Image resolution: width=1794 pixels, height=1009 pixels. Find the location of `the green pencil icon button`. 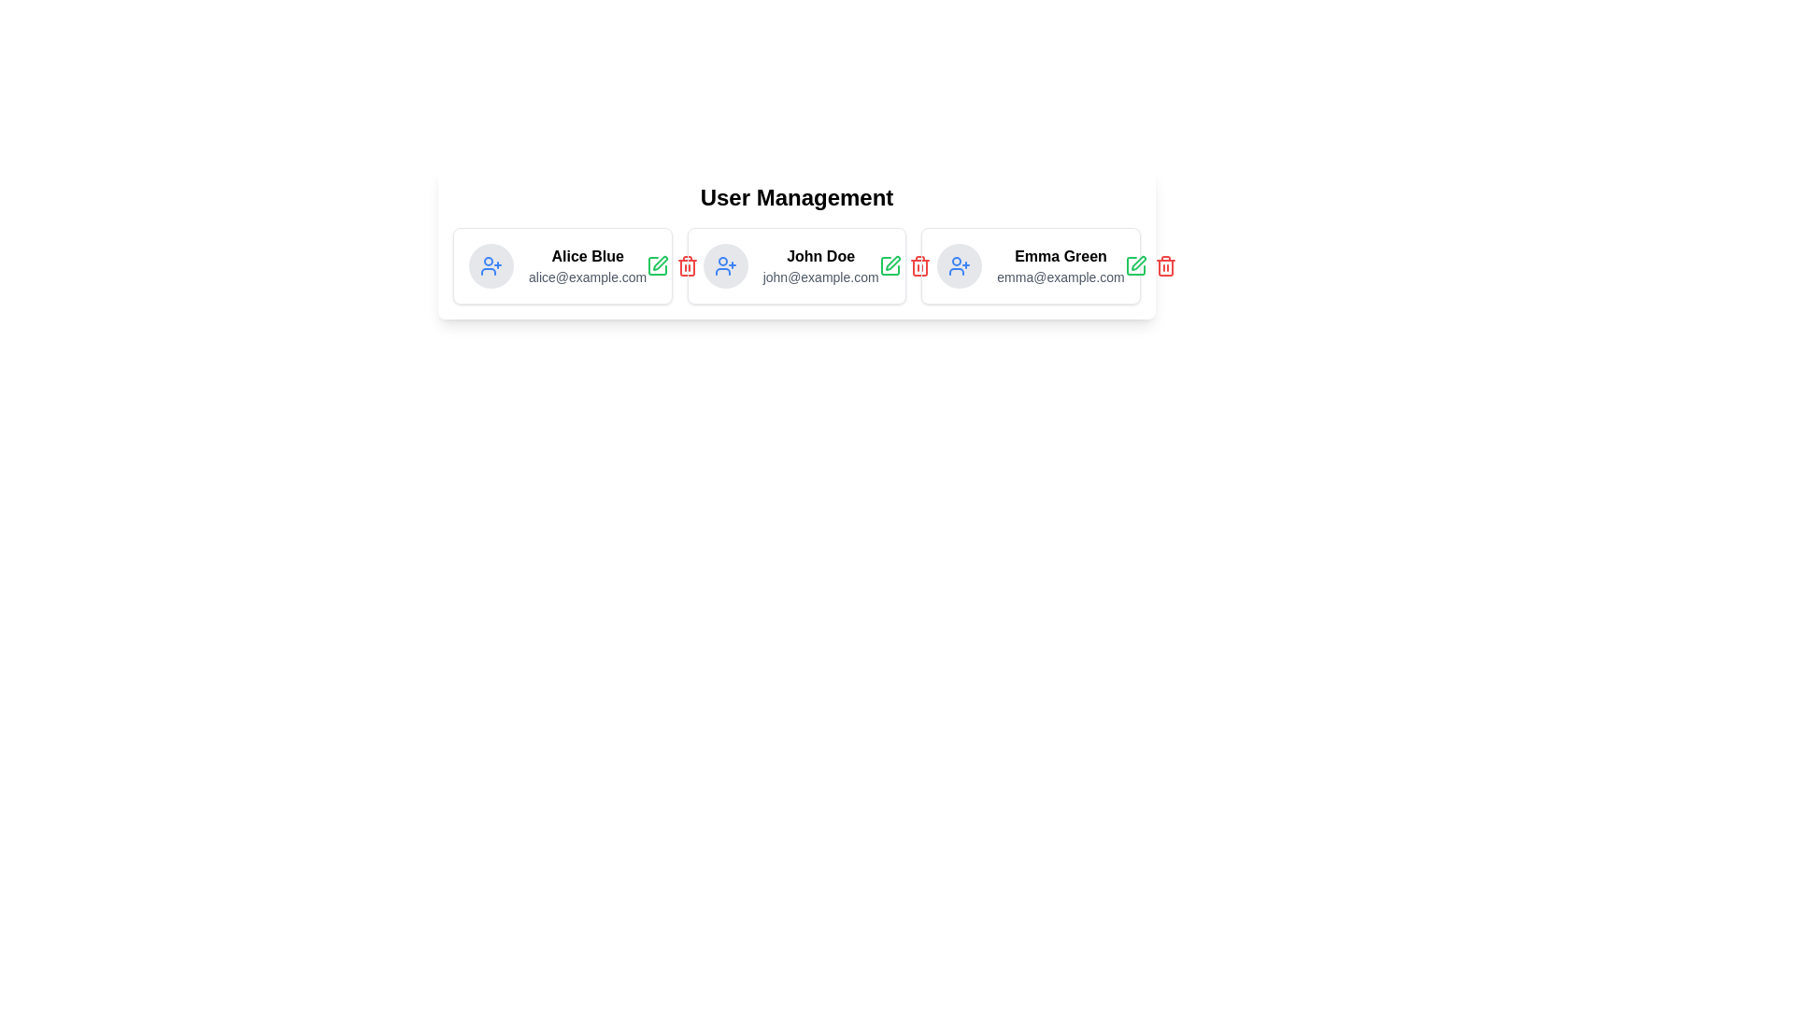

the green pencil icon button is located at coordinates (658, 266).